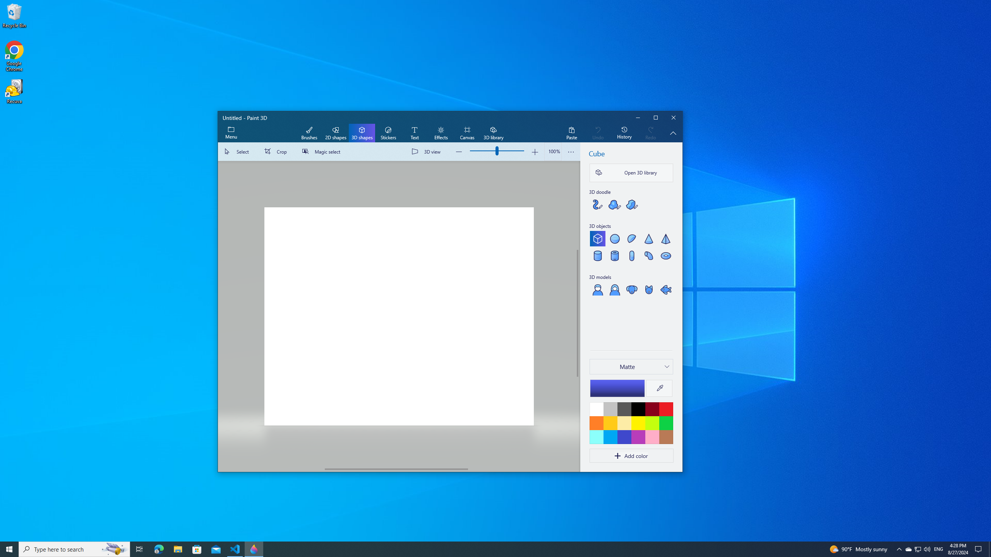 This screenshot has height=557, width=991. Describe the element at coordinates (648, 238) in the screenshot. I see `'Cone'` at that location.